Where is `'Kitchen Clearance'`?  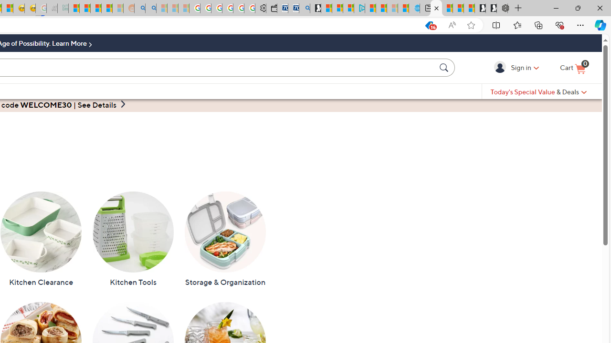 'Kitchen Clearance' is located at coordinates (41, 239).